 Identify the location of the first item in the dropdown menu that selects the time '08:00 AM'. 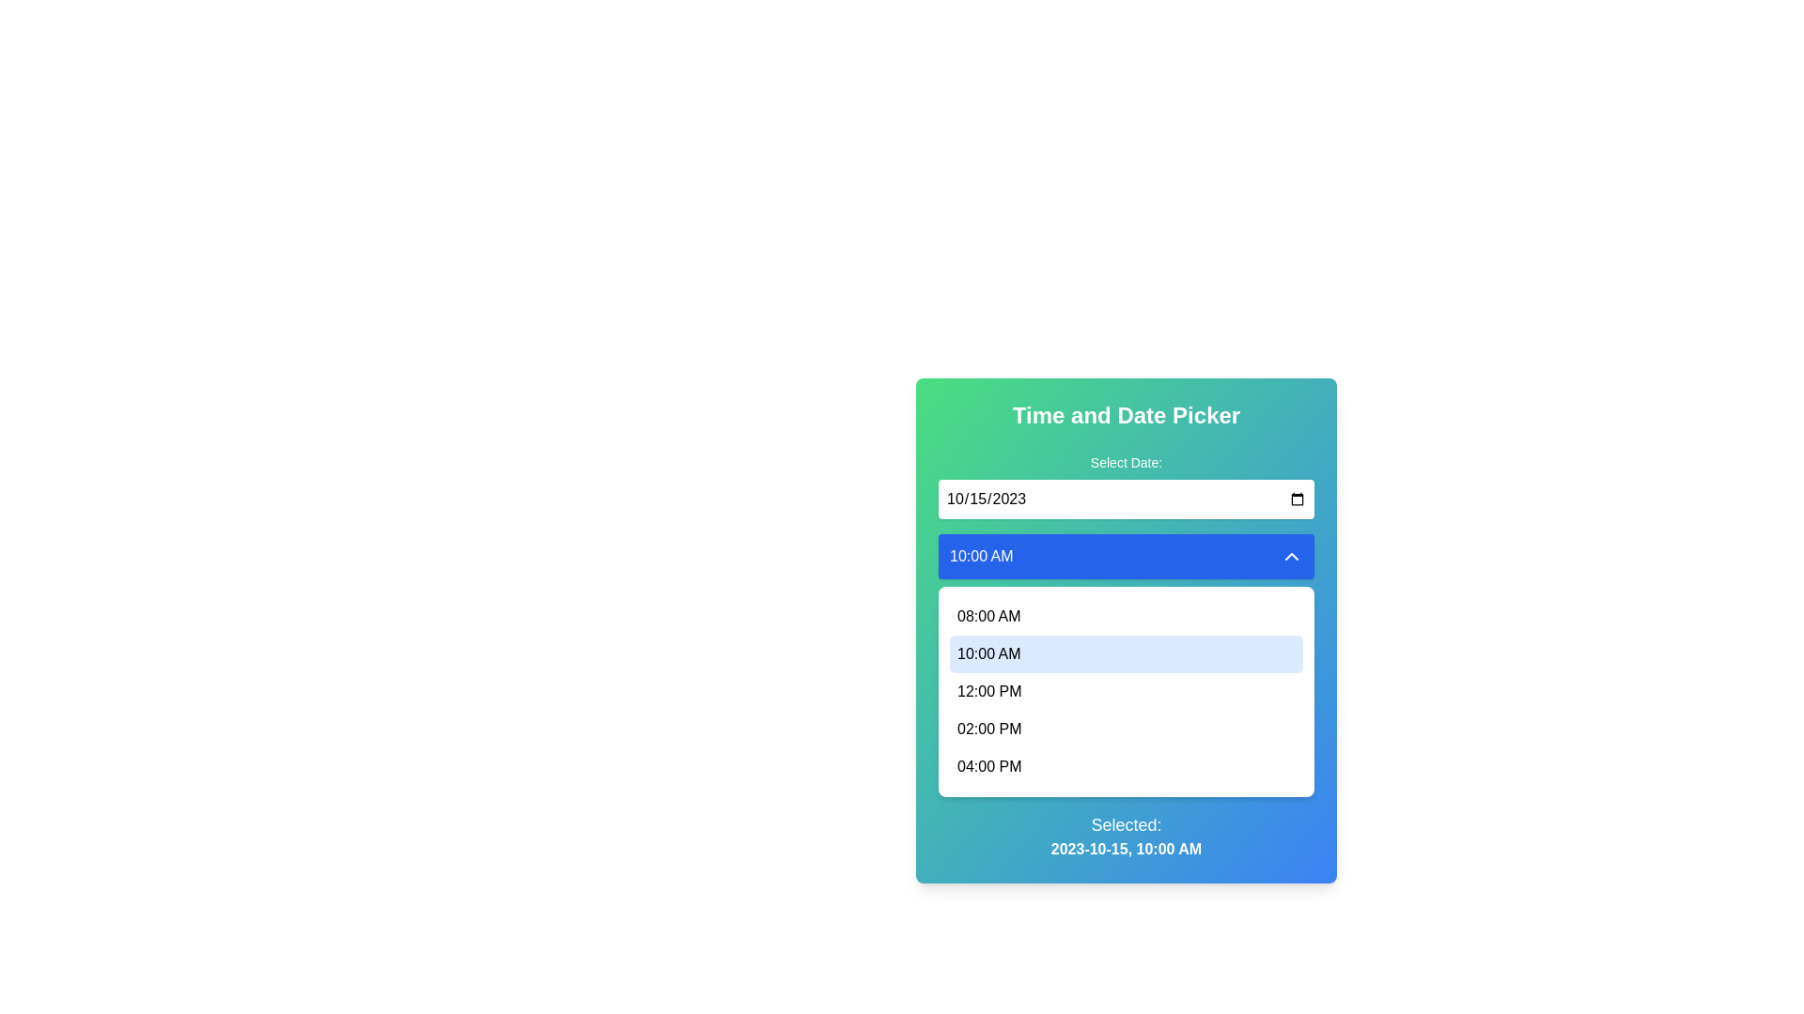
(1127, 616).